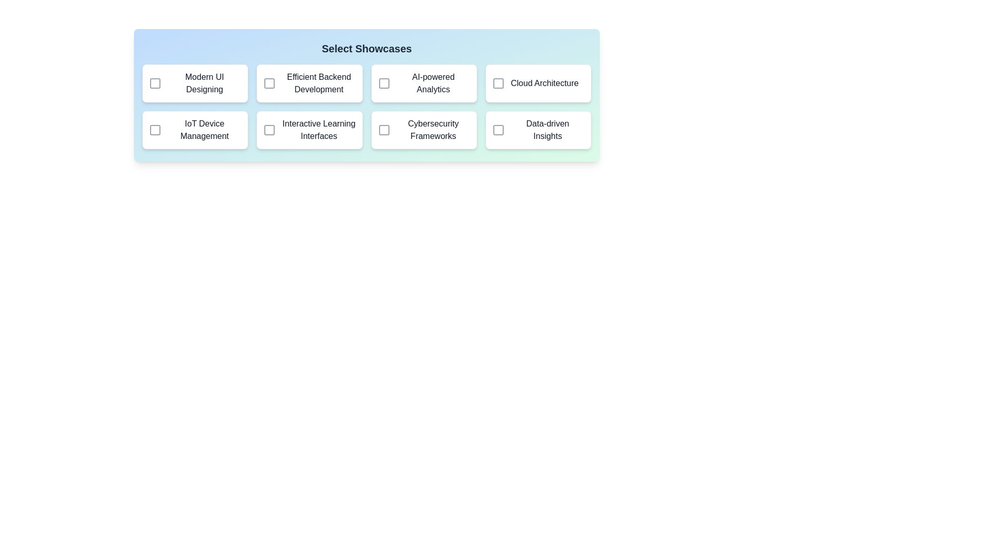  What do you see at coordinates (497, 83) in the screenshot?
I see `the showcase corresponding to Cloud Architecture` at bounding box center [497, 83].